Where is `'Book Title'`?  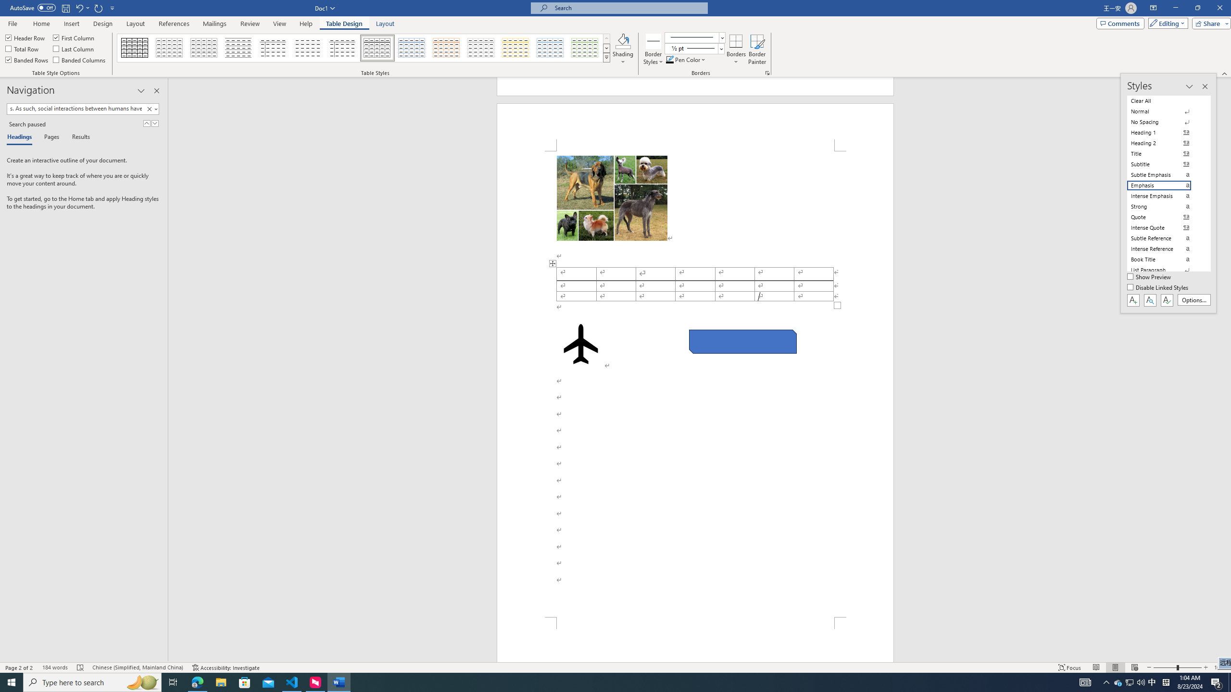 'Book Title' is located at coordinates (1165, 259).